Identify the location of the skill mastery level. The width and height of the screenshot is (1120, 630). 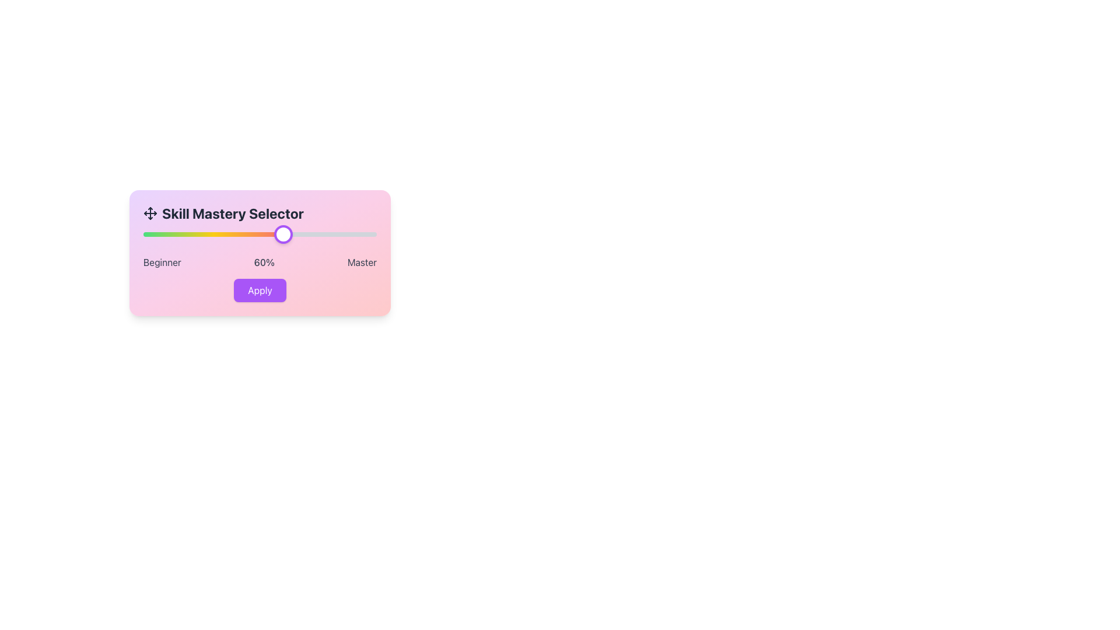
(152, 234).